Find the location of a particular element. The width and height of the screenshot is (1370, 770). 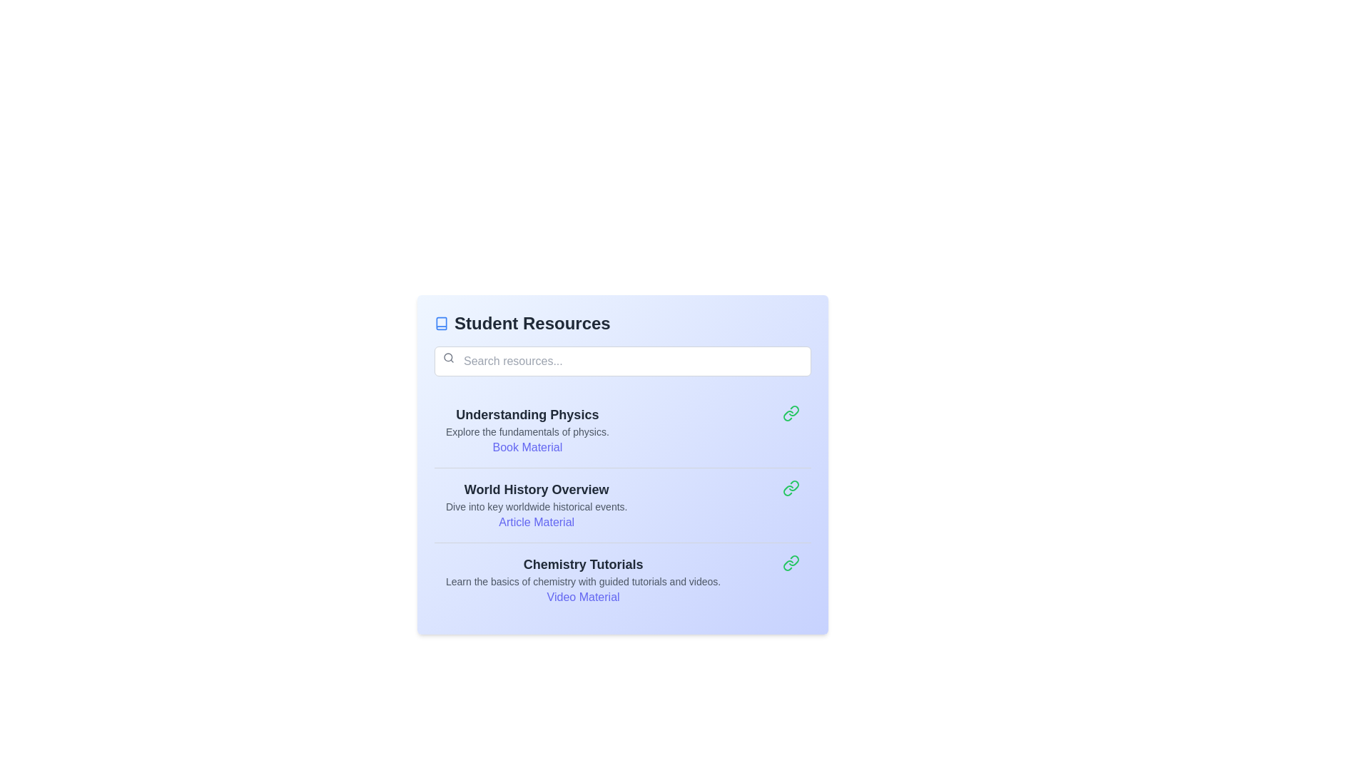

the link for the resource type Video Material to open the material is located at coordinates (582, 597).